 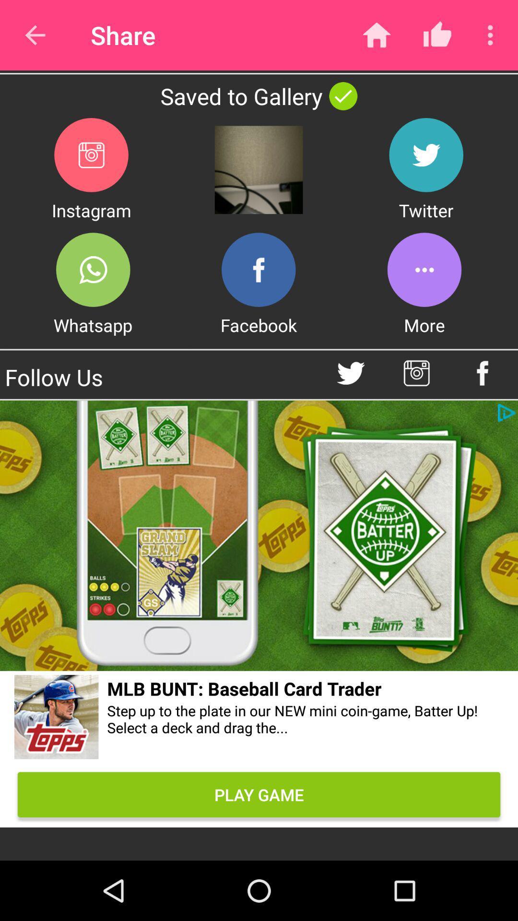 I want to click on follow on twitter, so click(x=351, y=373).